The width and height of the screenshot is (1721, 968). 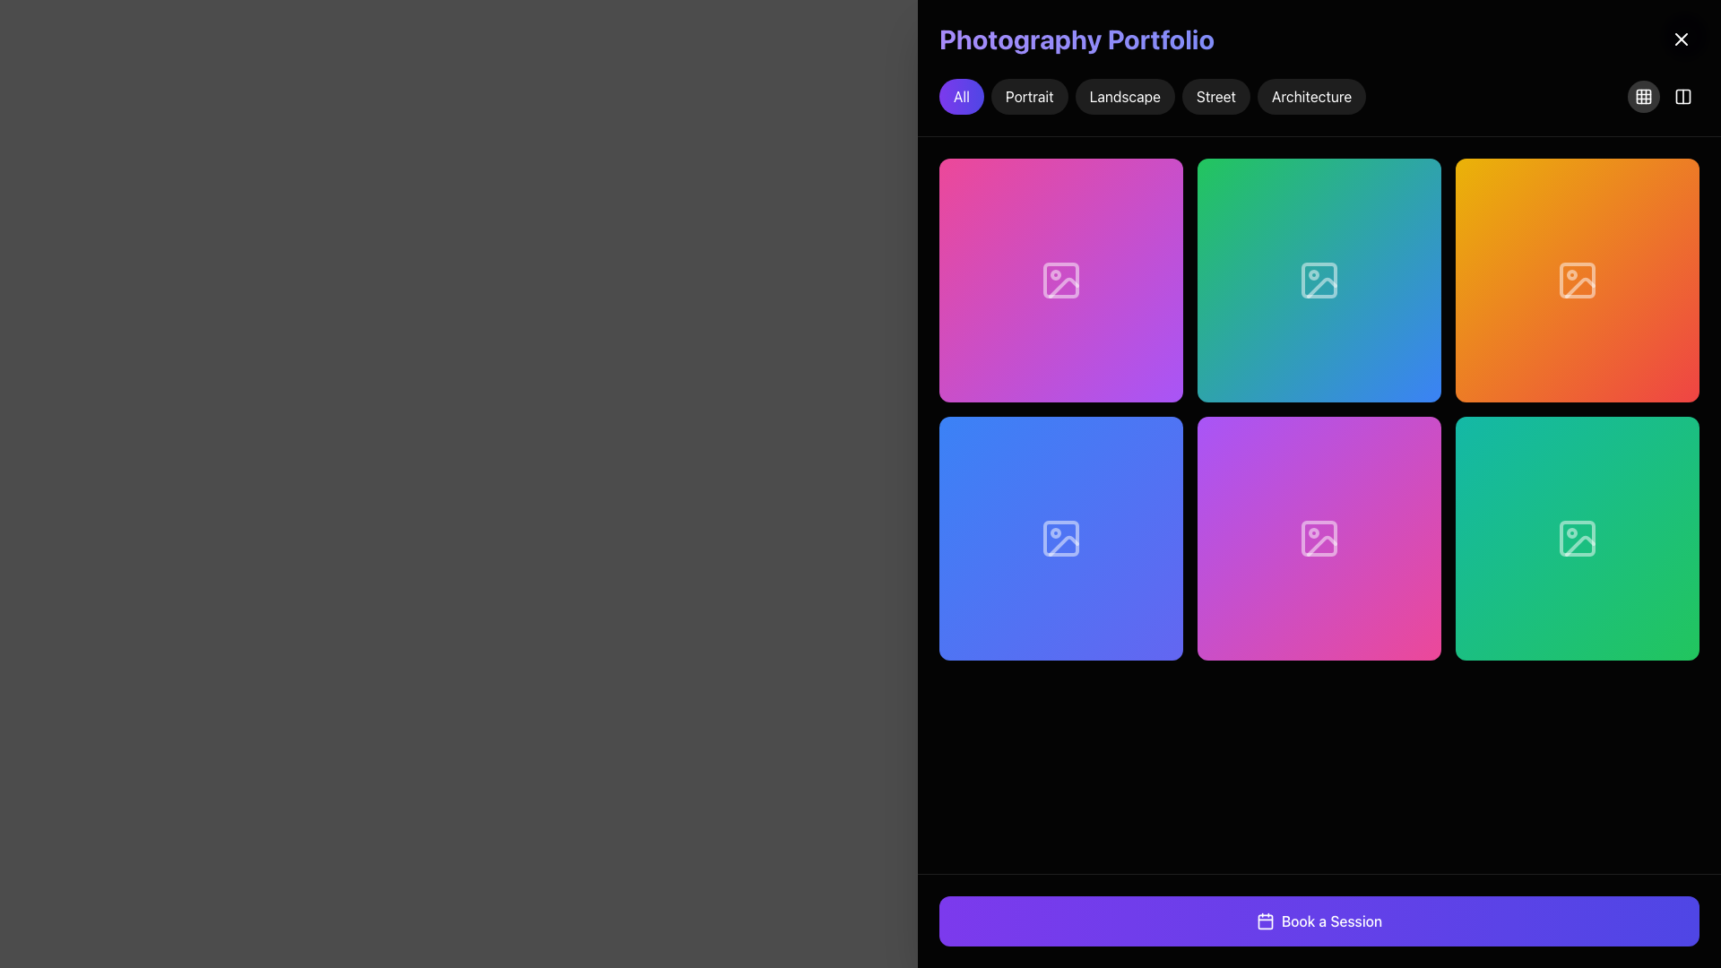 What do you see at coordinates (1061, 280) in the screenshot?
I see `the image icon located in the top-left tile of a 3x2 grid layout, which is distinguished by its pink-to-purple gradient, to trigger a tooltip or highlight` at bounding box center [1061, 280].